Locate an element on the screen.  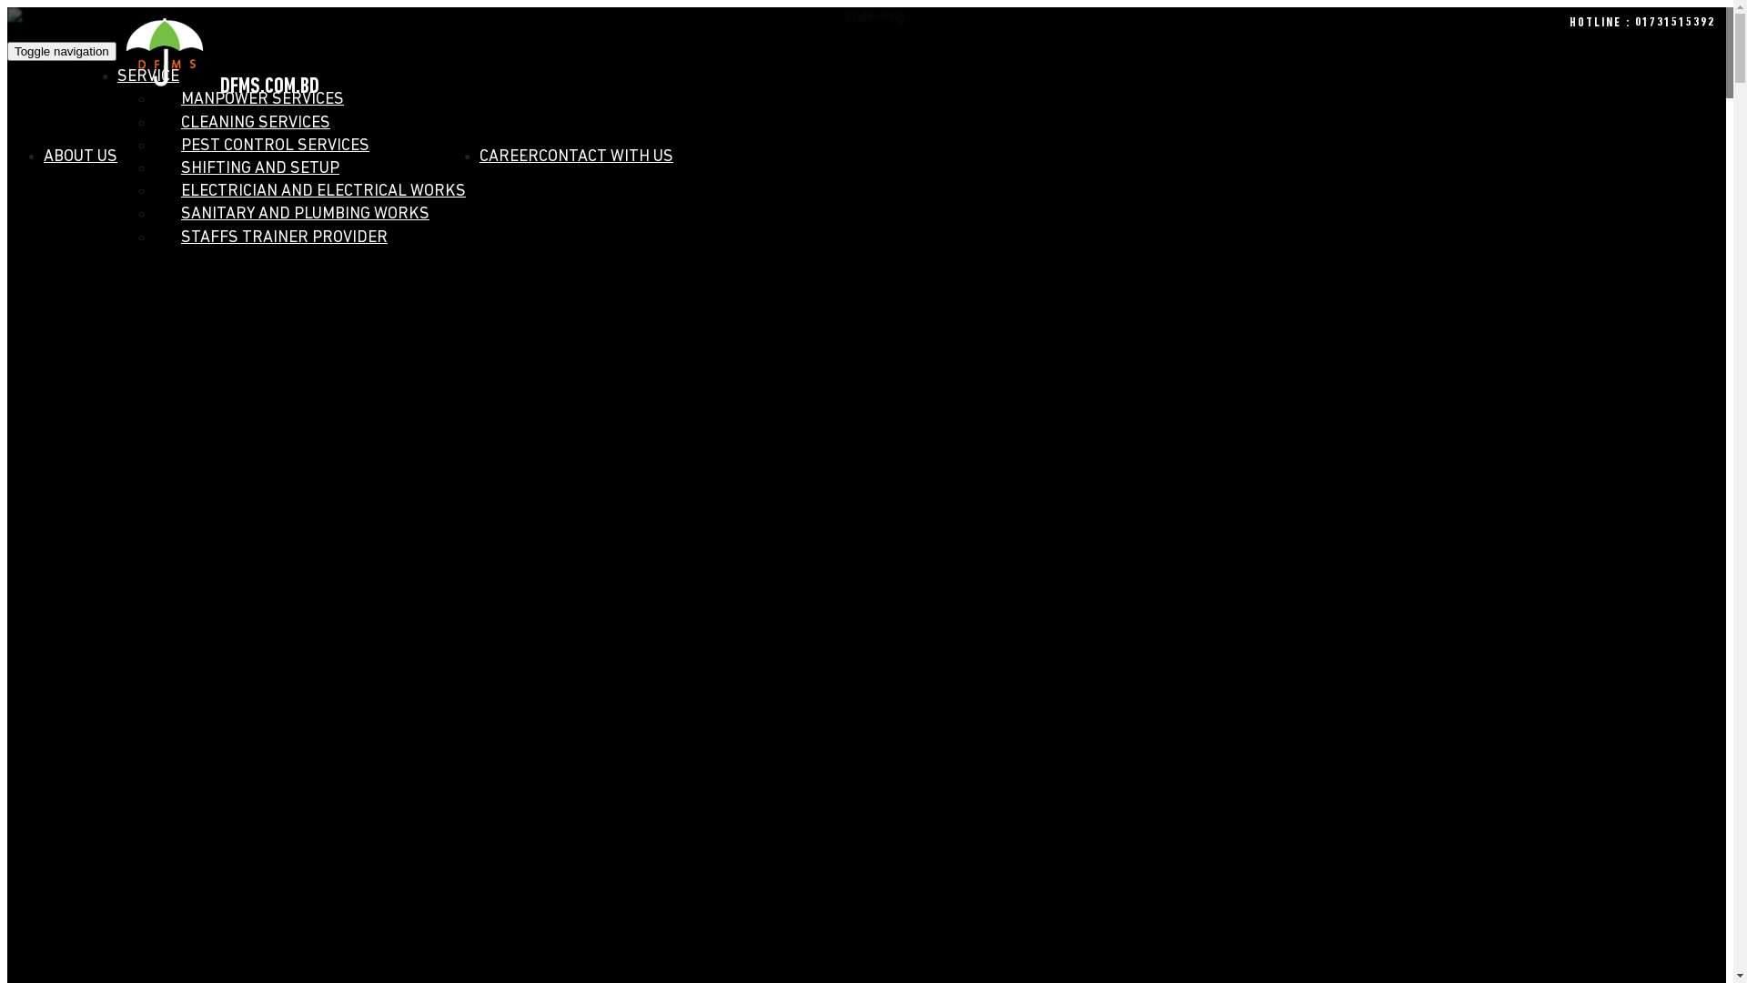
'Toggle navigation' is located at coordinates (61, 50).